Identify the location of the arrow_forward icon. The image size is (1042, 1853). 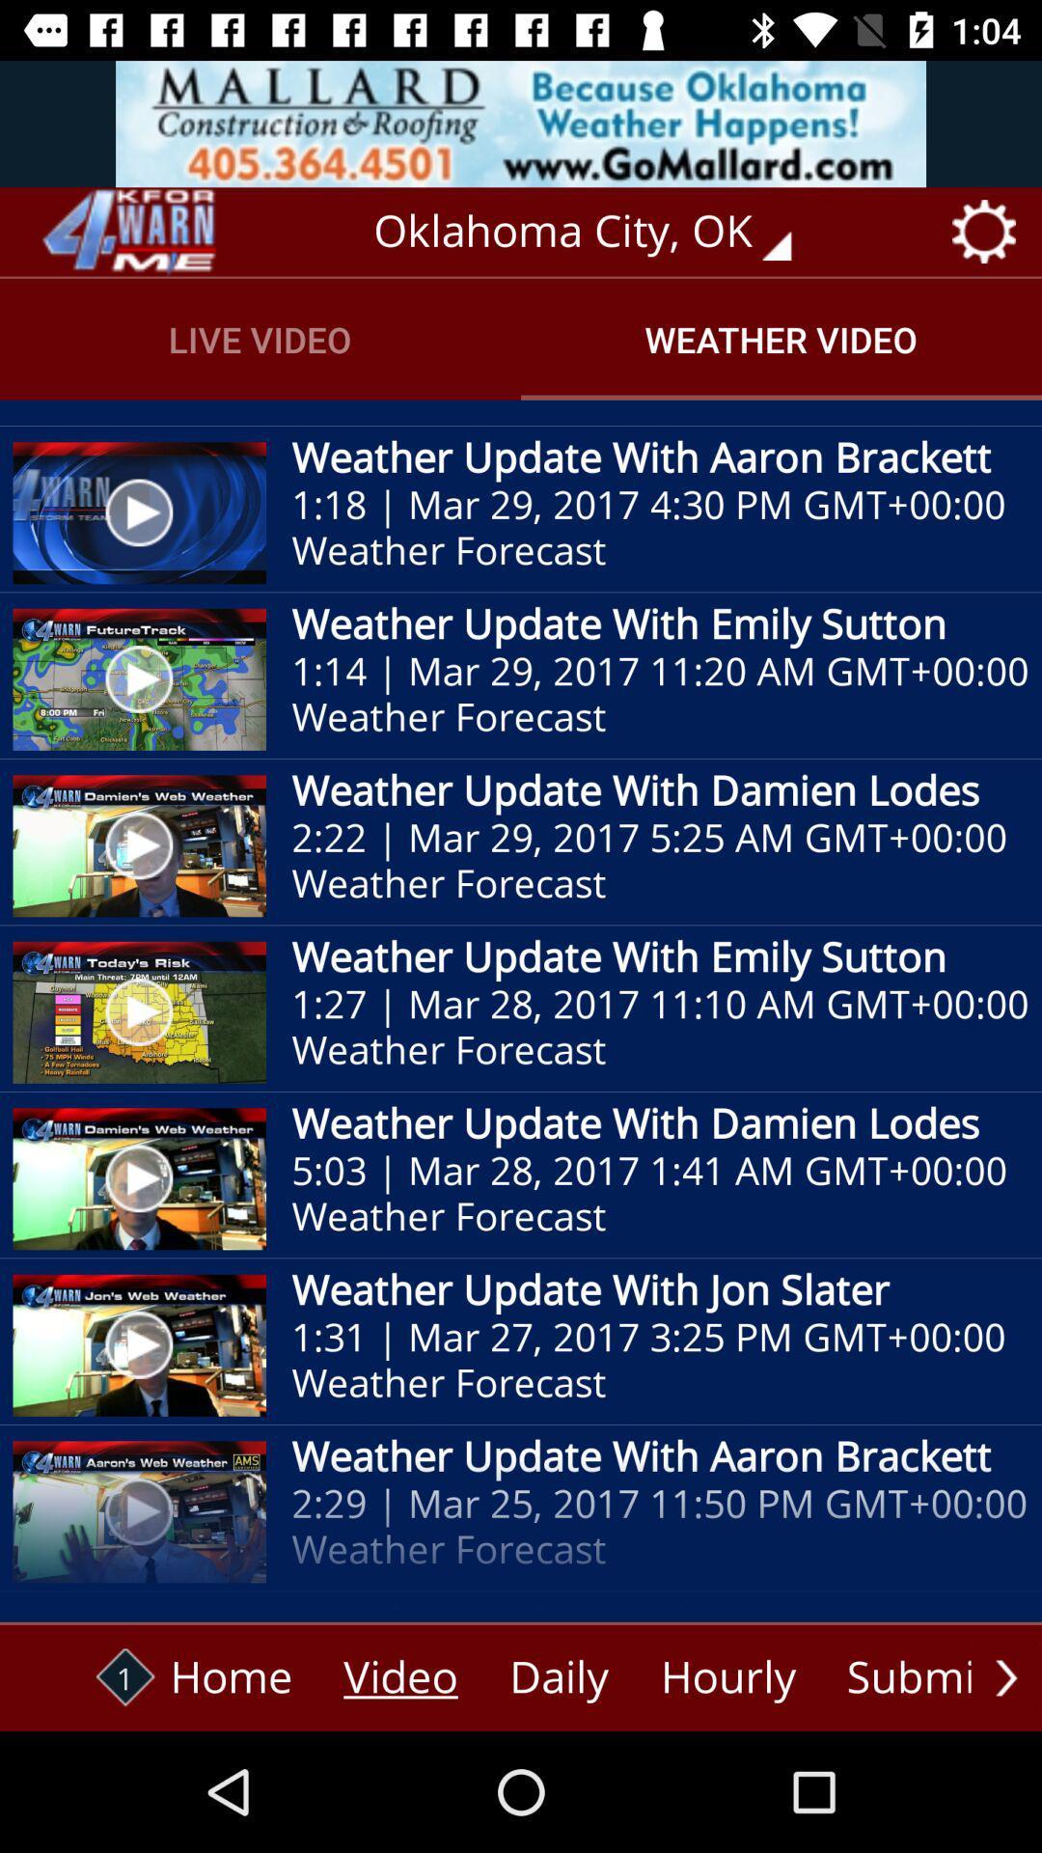
(1005, 1676).